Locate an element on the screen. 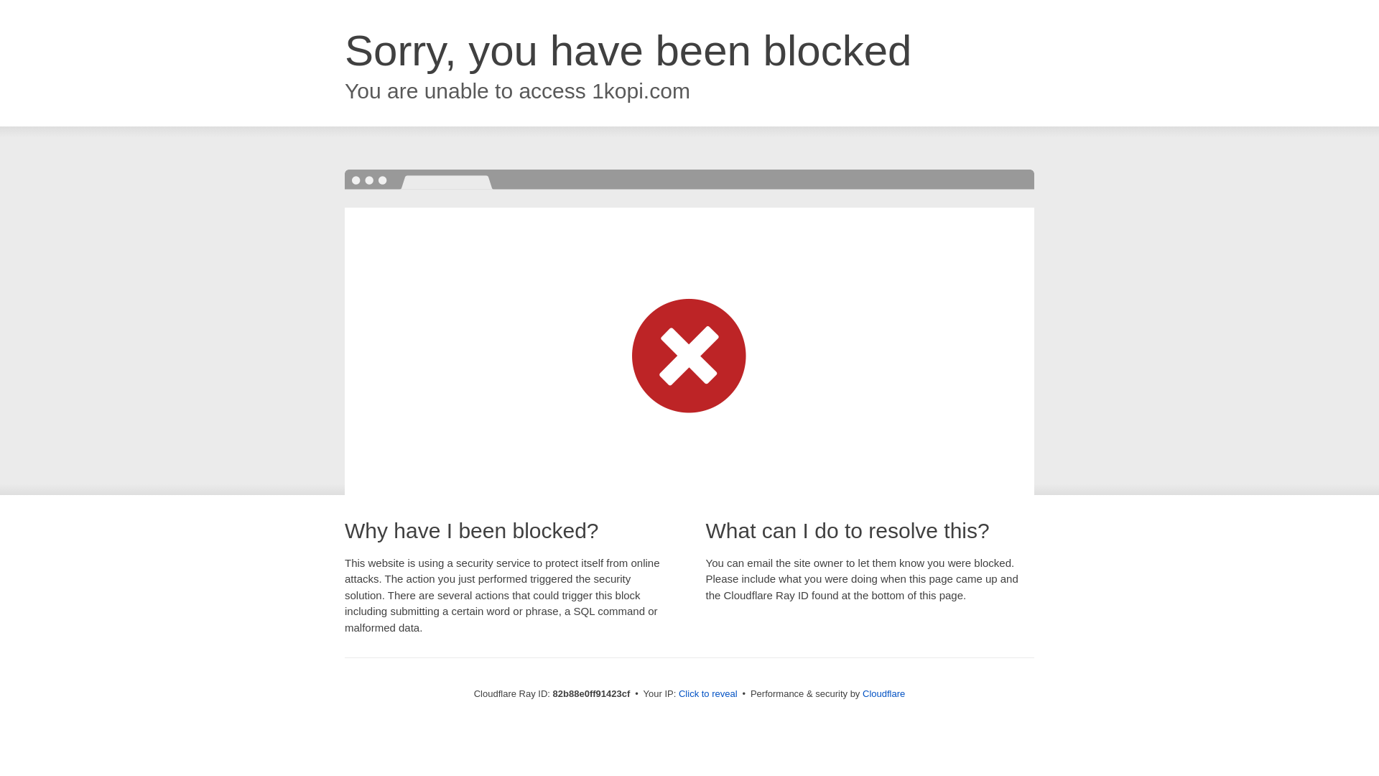 The image size is (1379, 776). 'Click to reveal' is located at coordinates (707, 693).